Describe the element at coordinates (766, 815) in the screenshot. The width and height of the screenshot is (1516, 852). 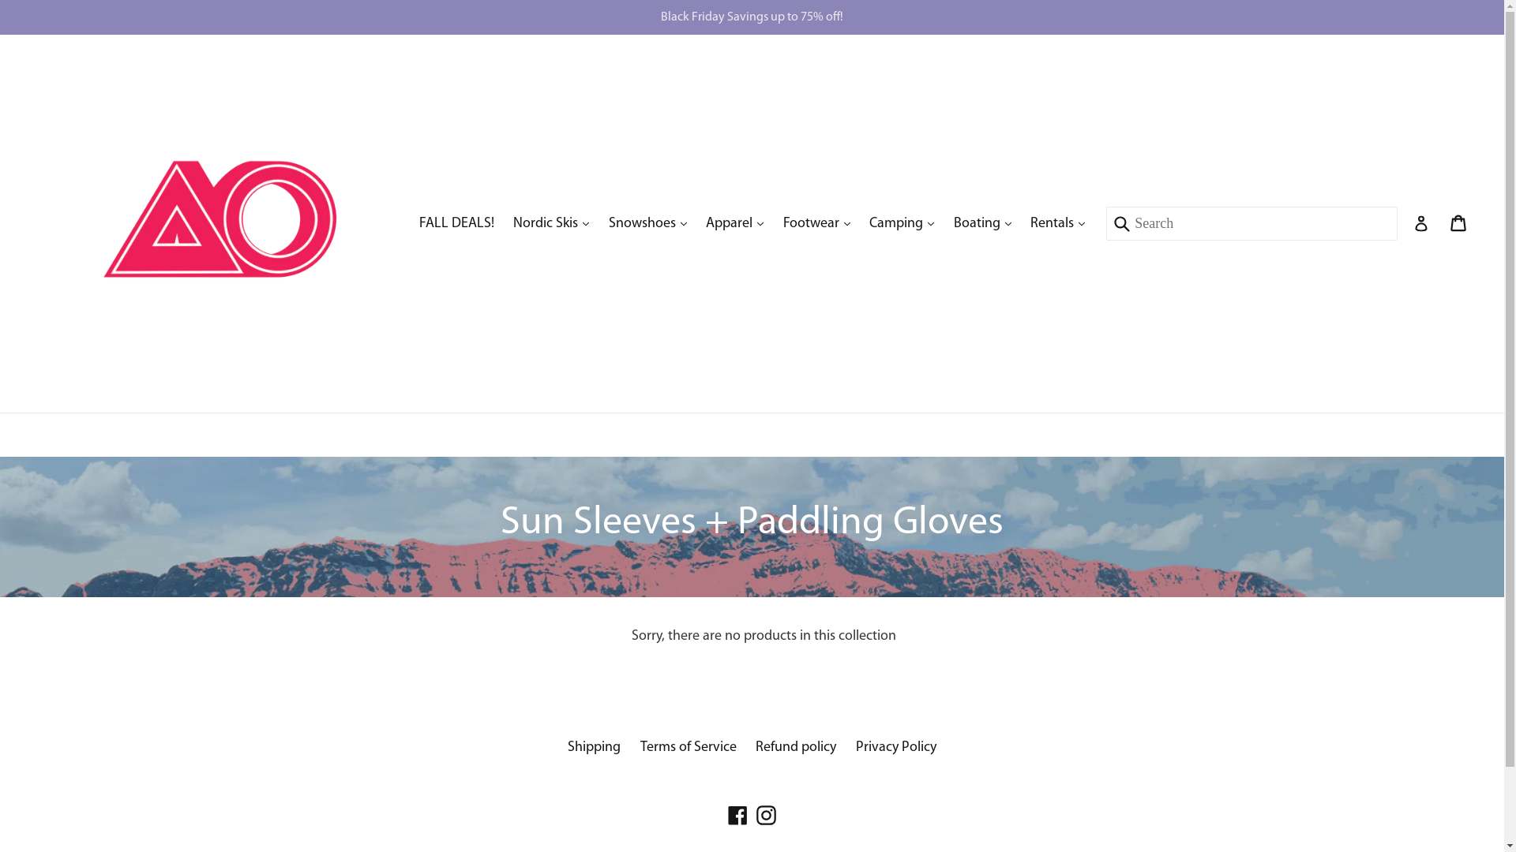
I see `'Instagram'` at that location.